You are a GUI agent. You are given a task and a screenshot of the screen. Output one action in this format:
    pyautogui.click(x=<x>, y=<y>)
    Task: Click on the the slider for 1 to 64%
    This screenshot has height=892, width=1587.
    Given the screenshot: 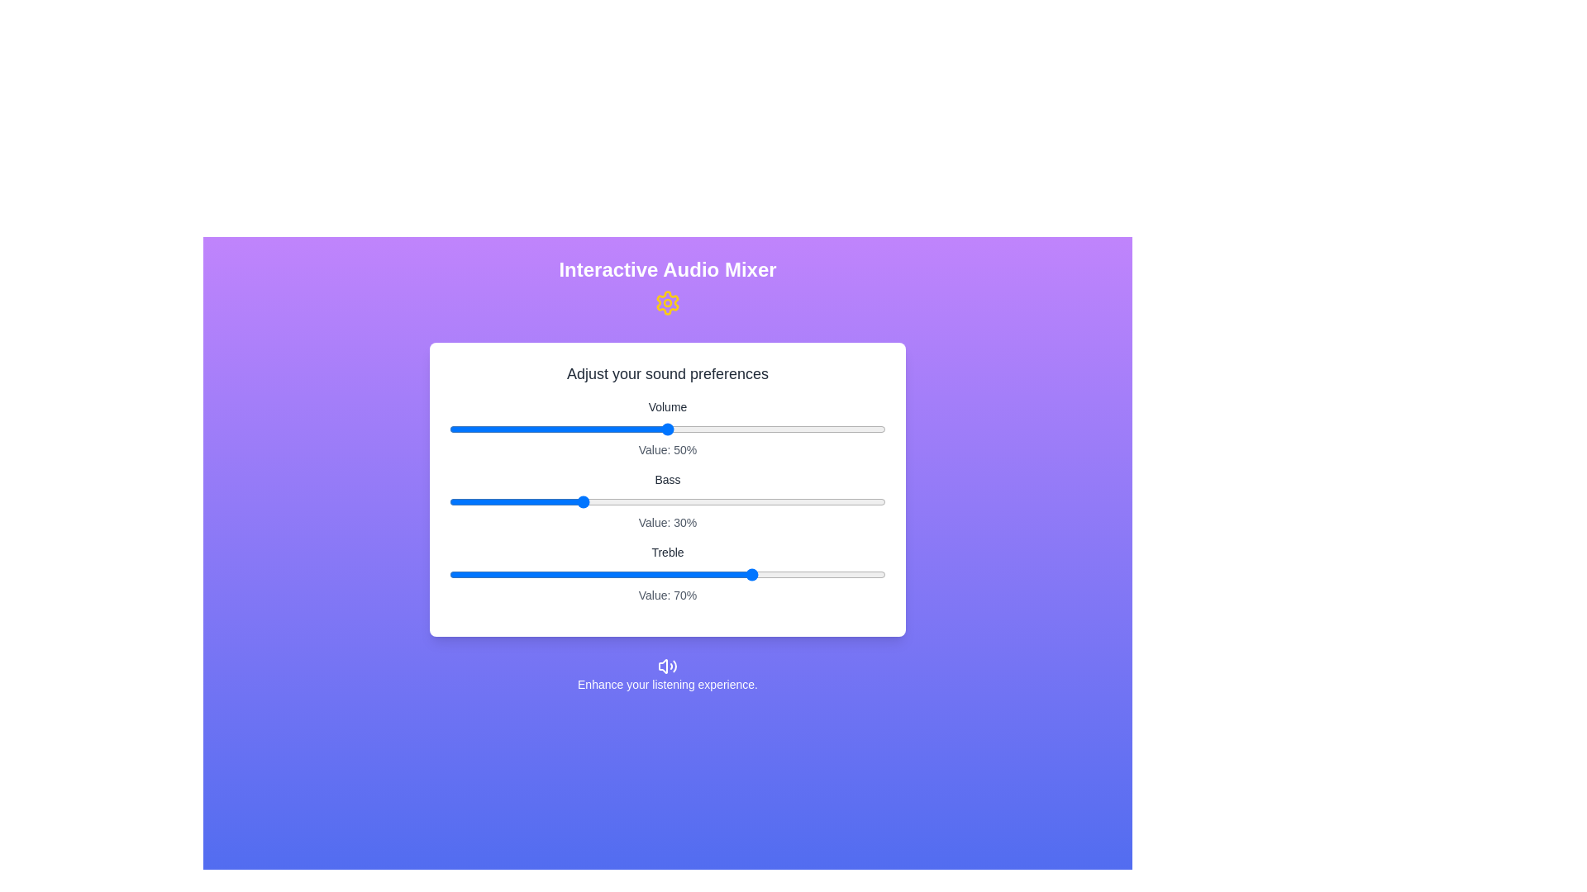 What is the action you would take?
    pyautogui.click(x=727, y=501)
    